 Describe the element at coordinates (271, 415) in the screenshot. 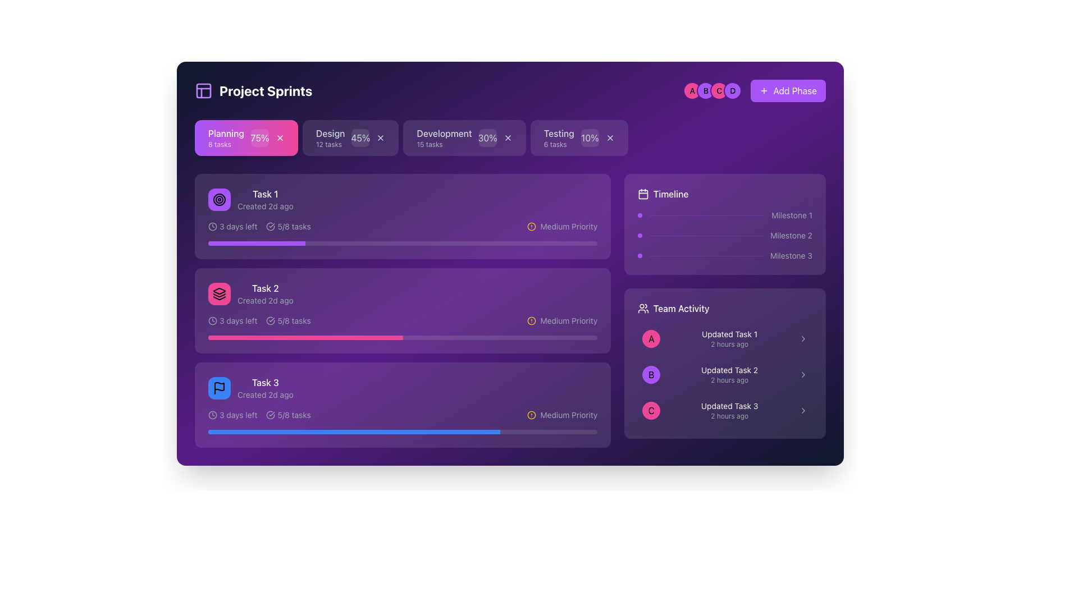

I see `the status icon indicating the completion of tasks in 'Task 3' card, positioned next to '5/8 tasks'` at that location.